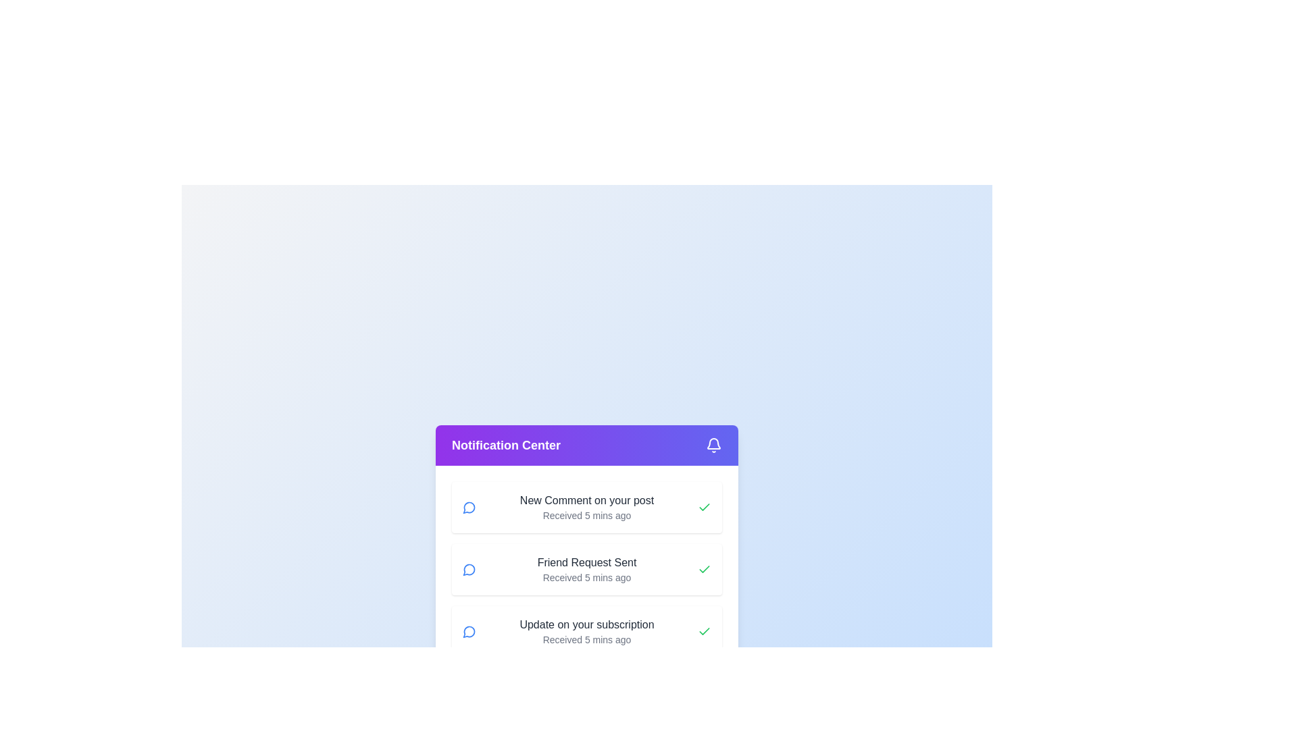 Image resolution: width=1297 pixels, height=729 pixels. What do you see at coordinates (703, 570) in the screenshot?
I see `the green checkmark icon located at the far right of the 'Friend Request Sent' notification card, indicating confirmation or completion` at bounding box center [703, 570].